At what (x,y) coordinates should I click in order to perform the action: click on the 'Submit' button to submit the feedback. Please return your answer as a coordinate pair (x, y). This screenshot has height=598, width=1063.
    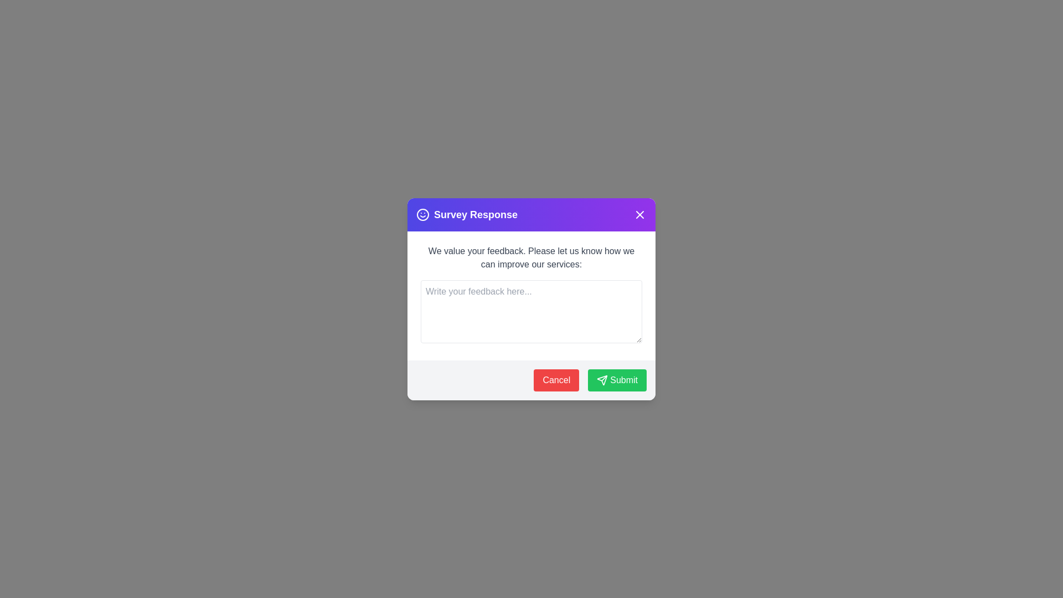
    Looking at the image, I should click on (616, 379).